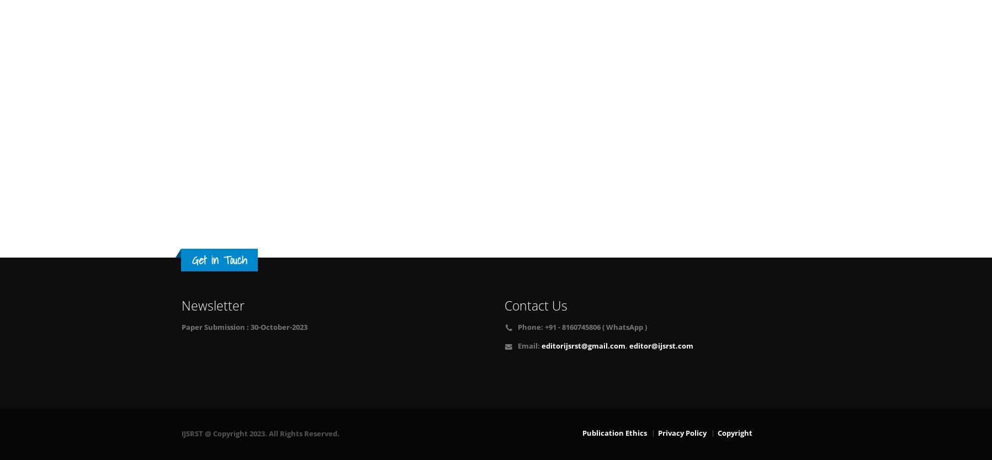  I want to click on 'Email:', so click(528, 345).